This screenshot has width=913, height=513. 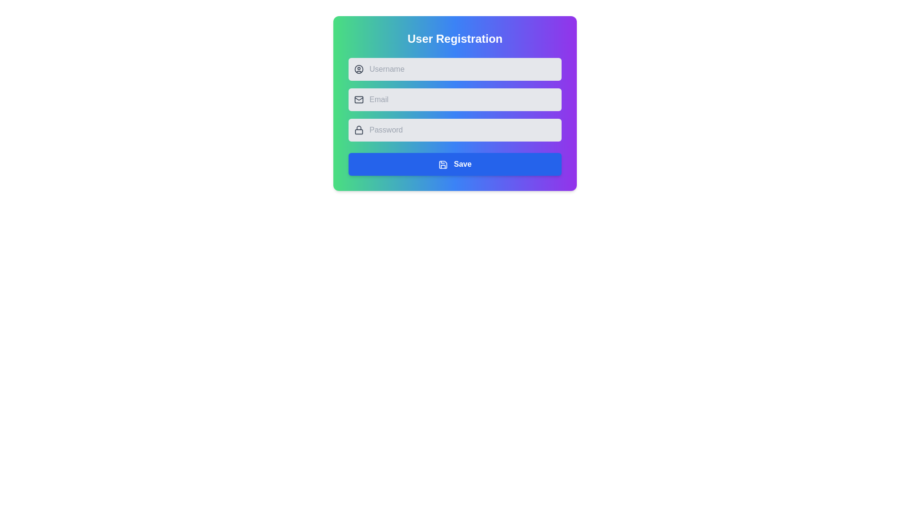 I want to click on the email input field within the 'User Registration' form to focus on it, so click(x=454, y=99).